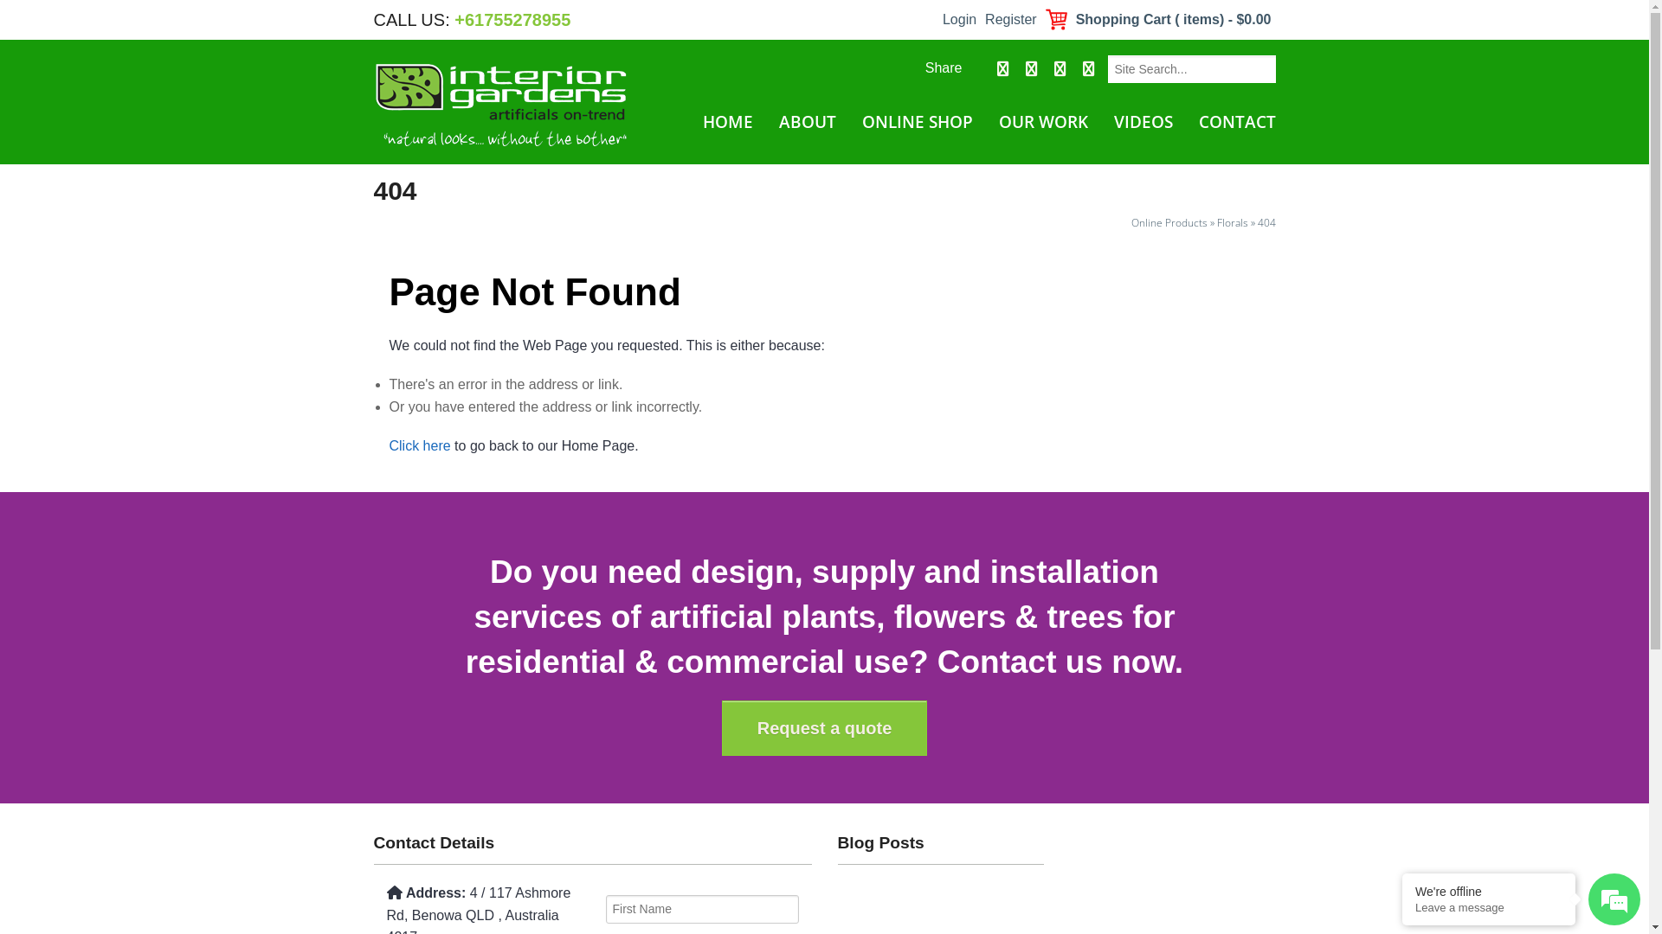 Image resolution: width=1662 pixels, height=934 pixels. I want to click on 'Click here', so click(420, 445).